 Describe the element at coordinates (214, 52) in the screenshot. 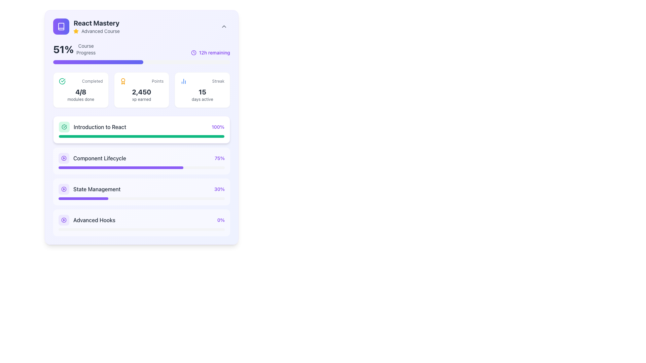

I see `the informational text label indicating the remaining time for the 'React Mastery' course, which is positioned above the course progress bar and adjacent to the right side of the clock icon` at that location.